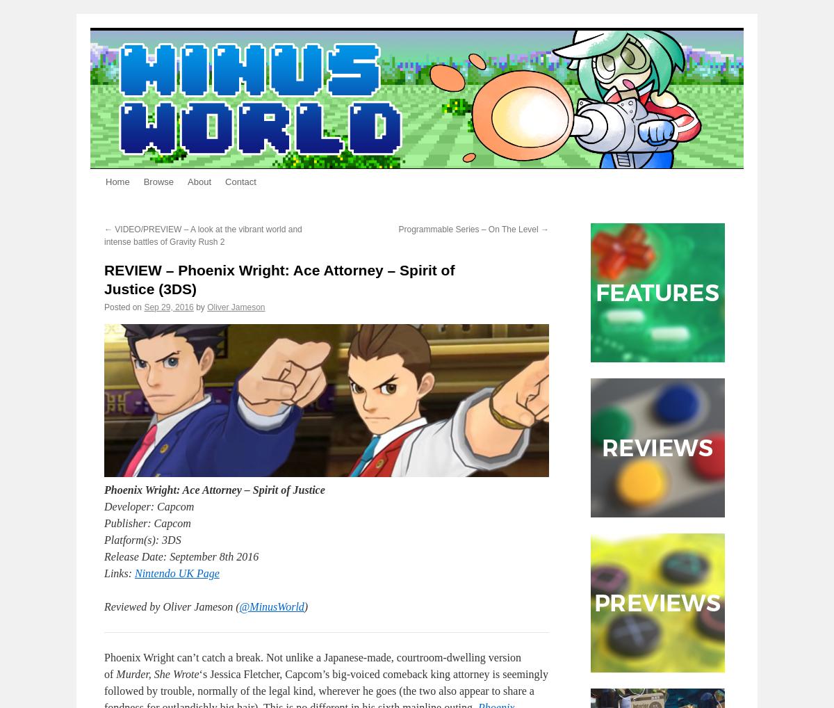  I want to click on 'Phoenix Wright can’t catch a break. Not unlike a Japanese-made, courtroom-dwelling version of', so click(312, 665).